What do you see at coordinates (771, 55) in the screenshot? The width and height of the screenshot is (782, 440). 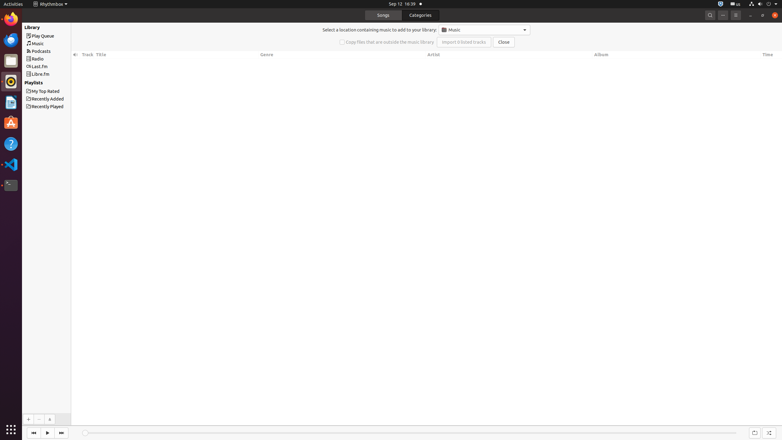 I see `'Time'` at bounding box center [771, 55].